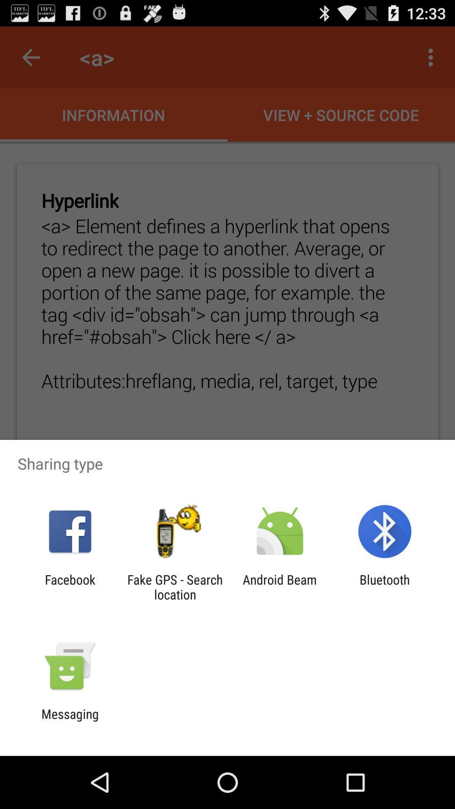  What do you see at coordinates (280, 587) in the screenshot?
I see `icon to the left of the bluetooth` at bounding box center [280, 587].